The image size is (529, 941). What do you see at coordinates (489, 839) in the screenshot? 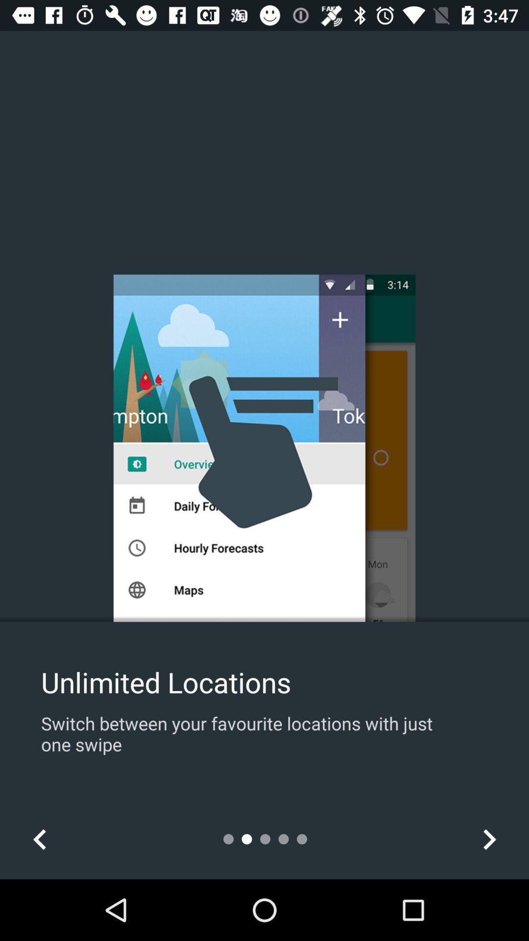
I see `the arrow_forward icon` at bounding box center [489, 839].